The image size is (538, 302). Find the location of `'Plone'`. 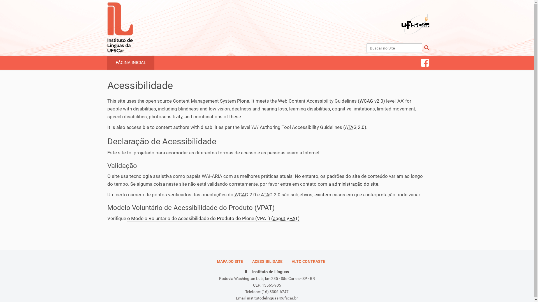

'Plone' is located at coordinates (243, 101).